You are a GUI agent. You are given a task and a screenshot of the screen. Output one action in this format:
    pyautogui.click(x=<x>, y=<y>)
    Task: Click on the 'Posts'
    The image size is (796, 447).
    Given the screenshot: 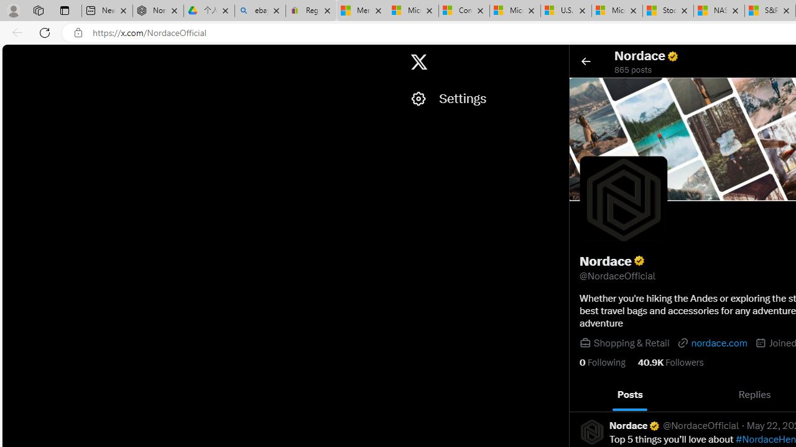 What is the action you would take?
    pyautogui.click(x=630, y=395)
    